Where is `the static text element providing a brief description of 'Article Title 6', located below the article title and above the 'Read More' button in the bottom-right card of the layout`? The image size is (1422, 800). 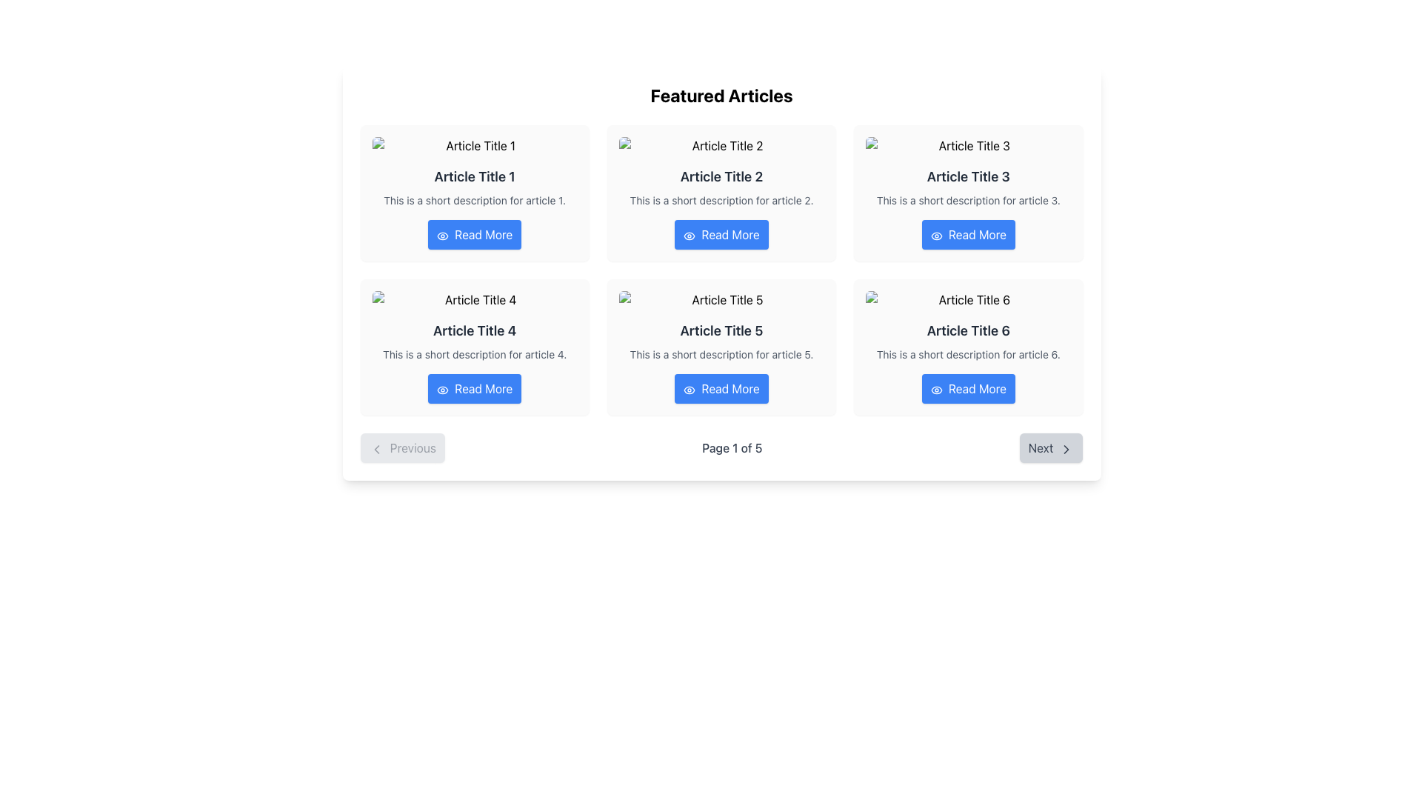
the static text element providing a brief description of 'Article Title 6', located below the article title and above the 'Read More' button in the bottom-right card of the layout is located at coordinates (968, 354).